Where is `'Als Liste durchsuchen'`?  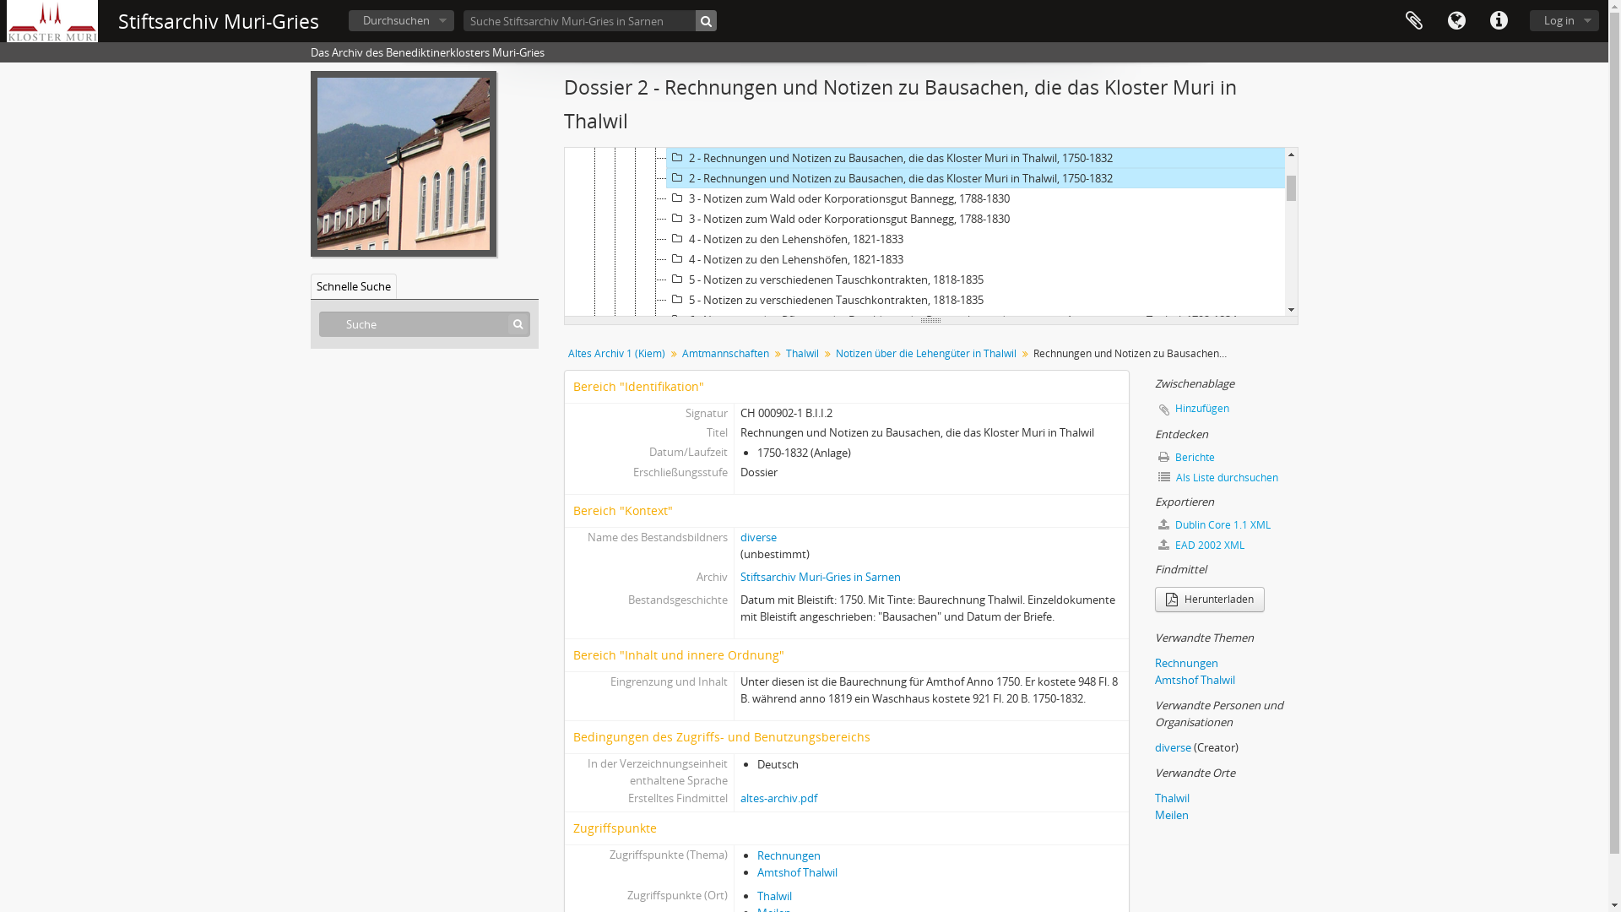 'Als Liste durchsuchen' is located at coordinates (1227, 478).